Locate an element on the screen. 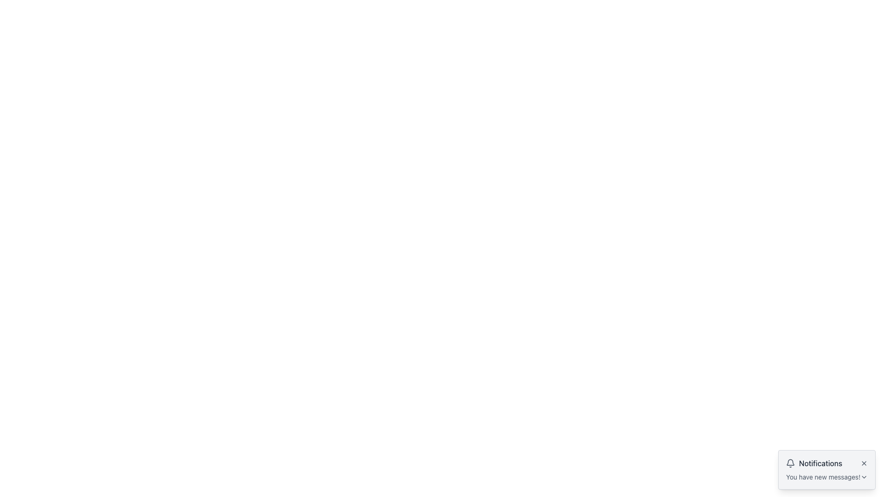 Image resolution: width=883 pixels, height=497 pixels. the dropdown icon next to the text message 'You have new messages!' in the notifications modal is located at coordinates (827, 477).